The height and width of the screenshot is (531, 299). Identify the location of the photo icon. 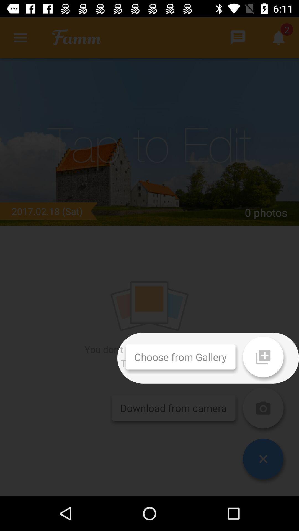
(263, 408).